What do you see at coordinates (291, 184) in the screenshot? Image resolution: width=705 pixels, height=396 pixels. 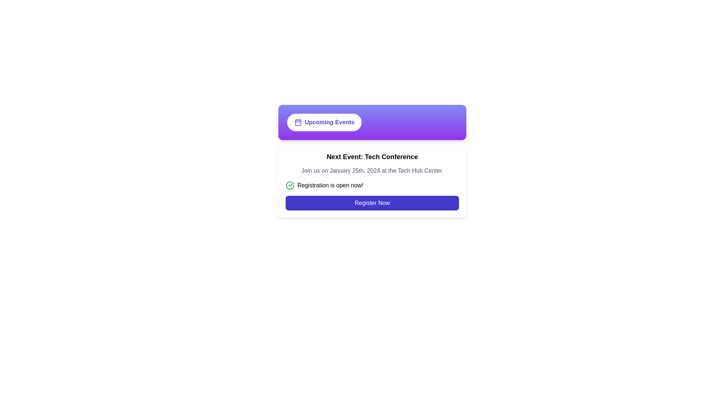 I see `the checkmark icon that indicates successful status or confirmation, located near the text 'Registration is open now!' in the center section of the interface` at bounding box center [291, 184].